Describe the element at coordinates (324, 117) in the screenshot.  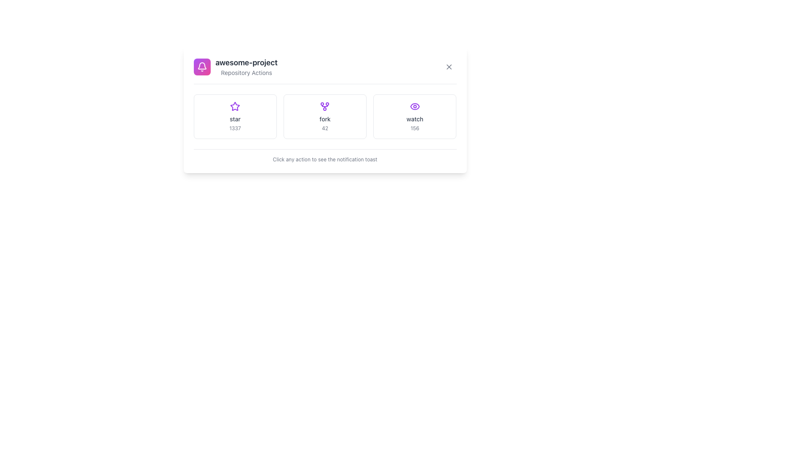
I see `the interactive information display block that signifies the number of forks for the repository, which shows '42' and is positioned between the 'star' and 'watch' elements` at that location.